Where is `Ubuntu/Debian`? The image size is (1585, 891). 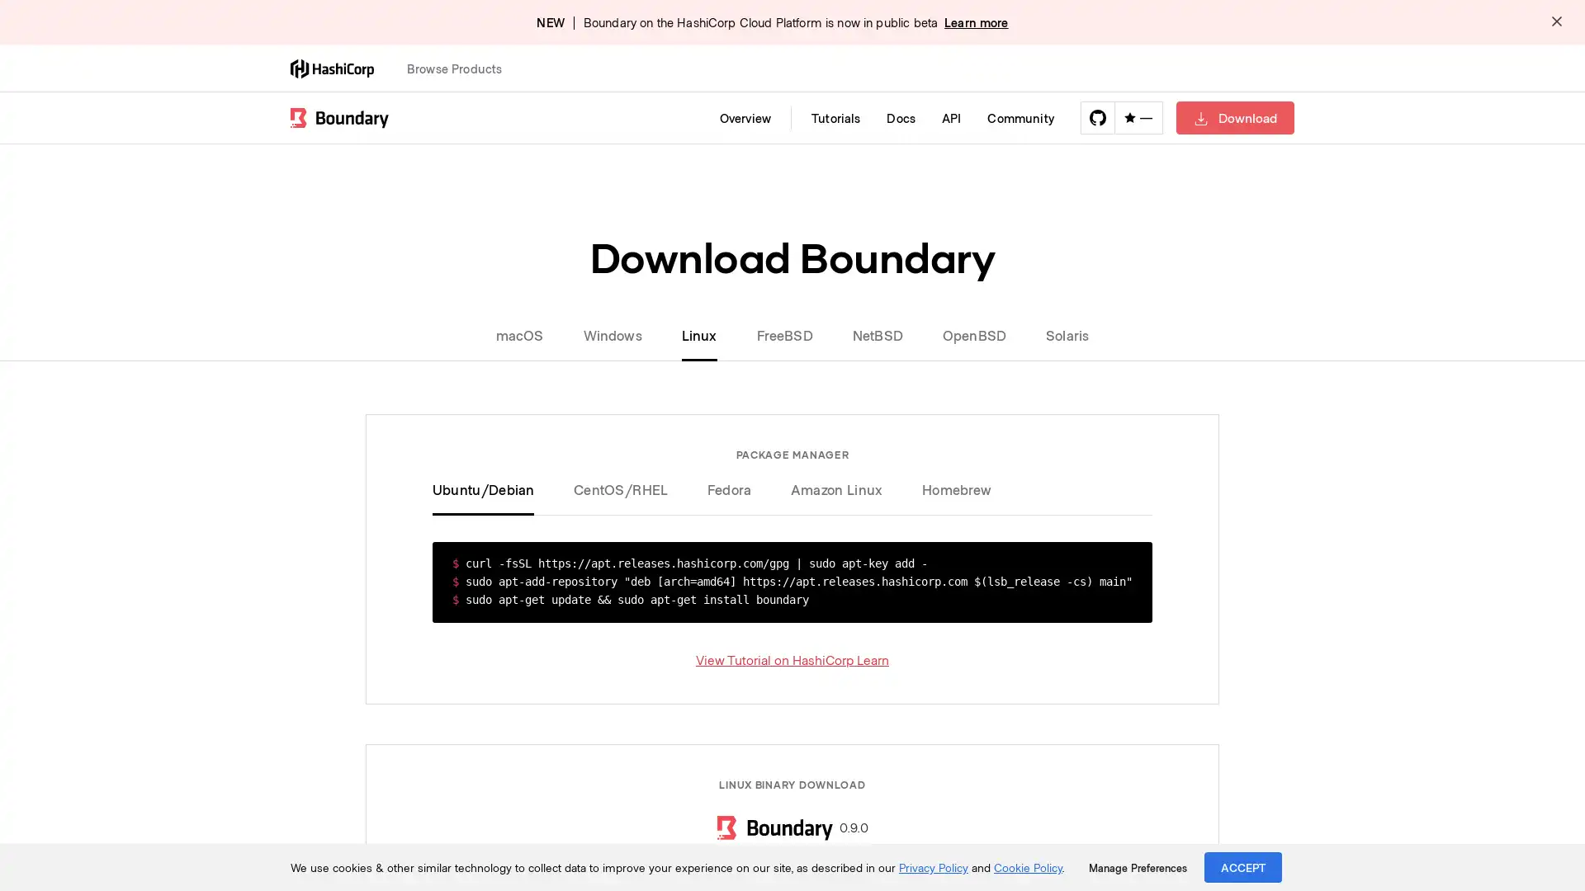
Ubuntu/Debian is located at coordinates (492, 488).